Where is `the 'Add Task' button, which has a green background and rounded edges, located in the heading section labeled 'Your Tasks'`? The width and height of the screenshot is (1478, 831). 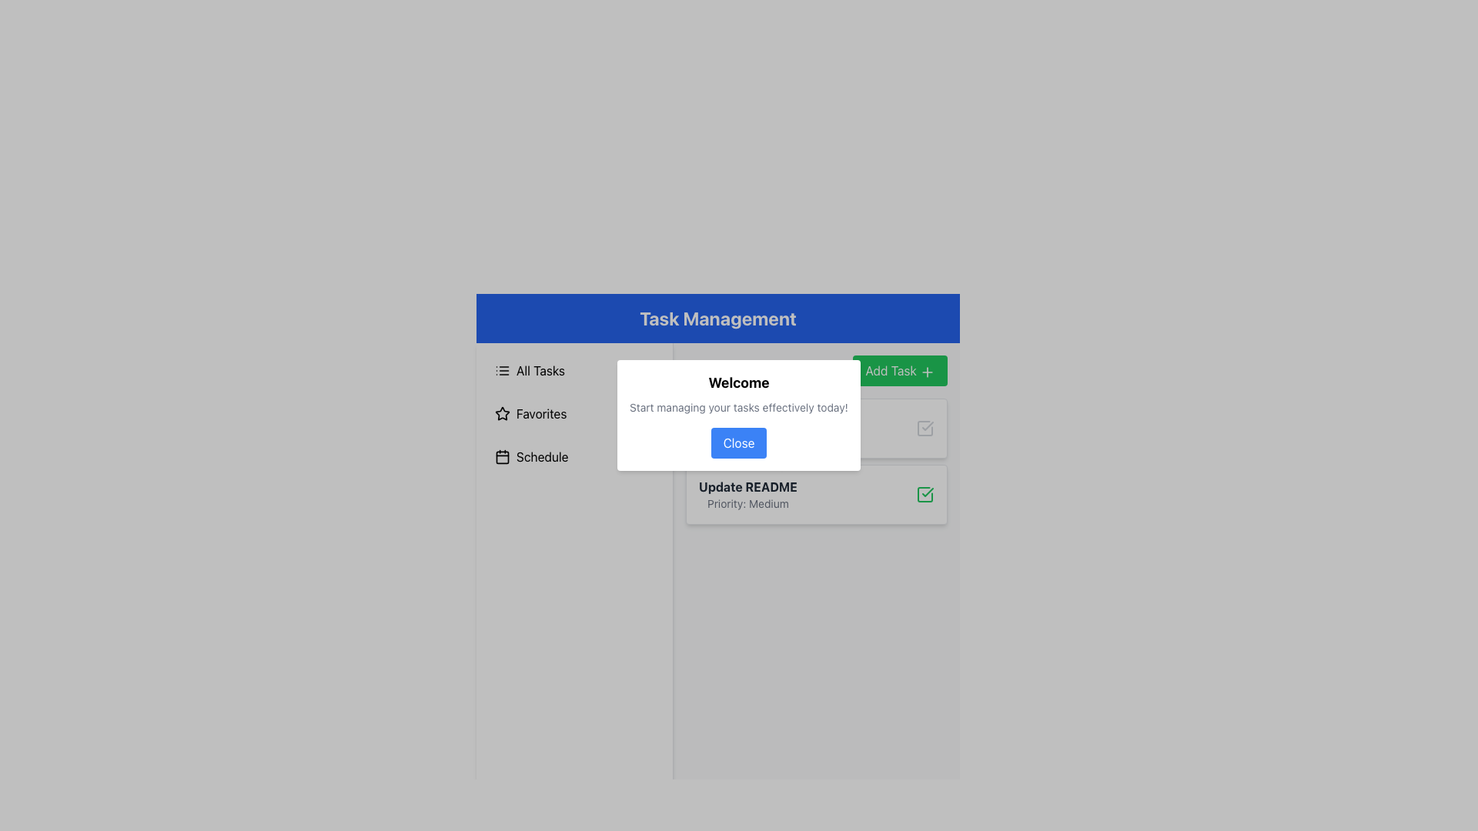 the 'Add Task' button, which has a green background and rounded edges, located in the heading section labeled 'Your Tasks' is located at coordinates (900, 371).